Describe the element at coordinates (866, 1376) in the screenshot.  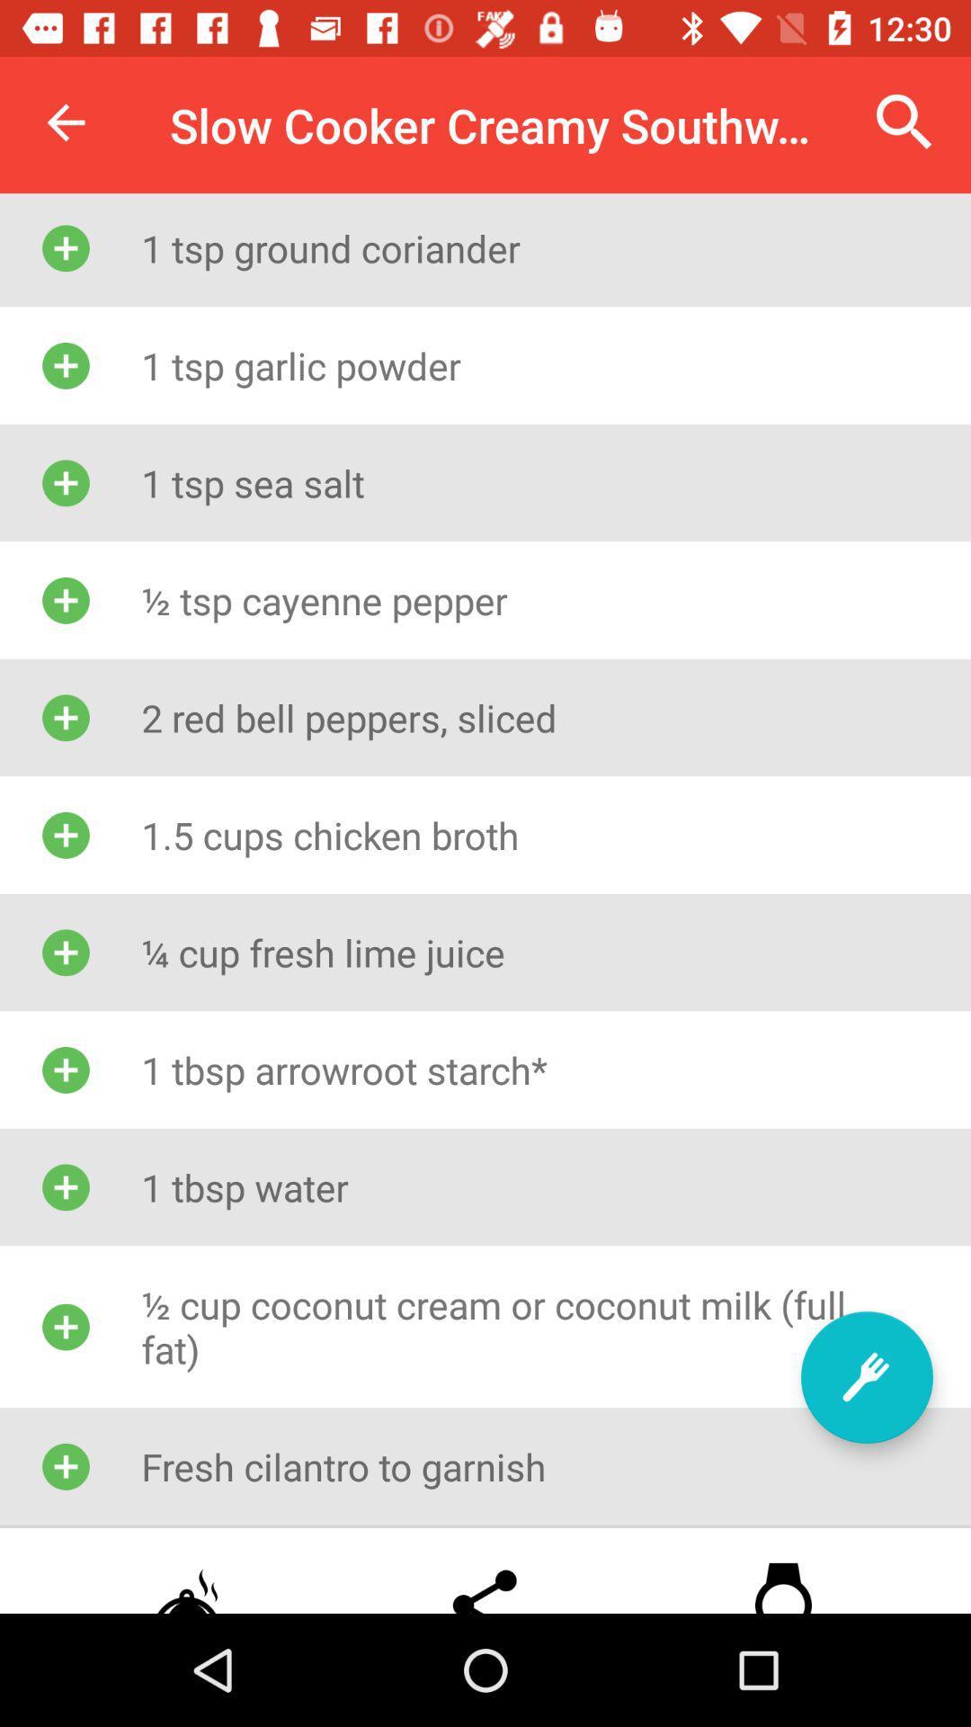
I see `additional recipes` at that location.